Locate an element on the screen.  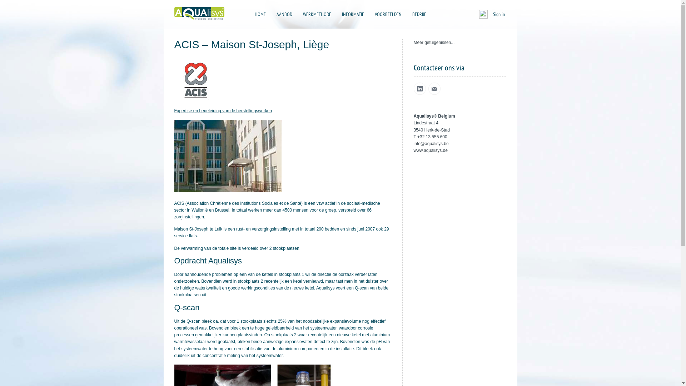
'VOORBEELDEN' is located at coordinates (387, 14).